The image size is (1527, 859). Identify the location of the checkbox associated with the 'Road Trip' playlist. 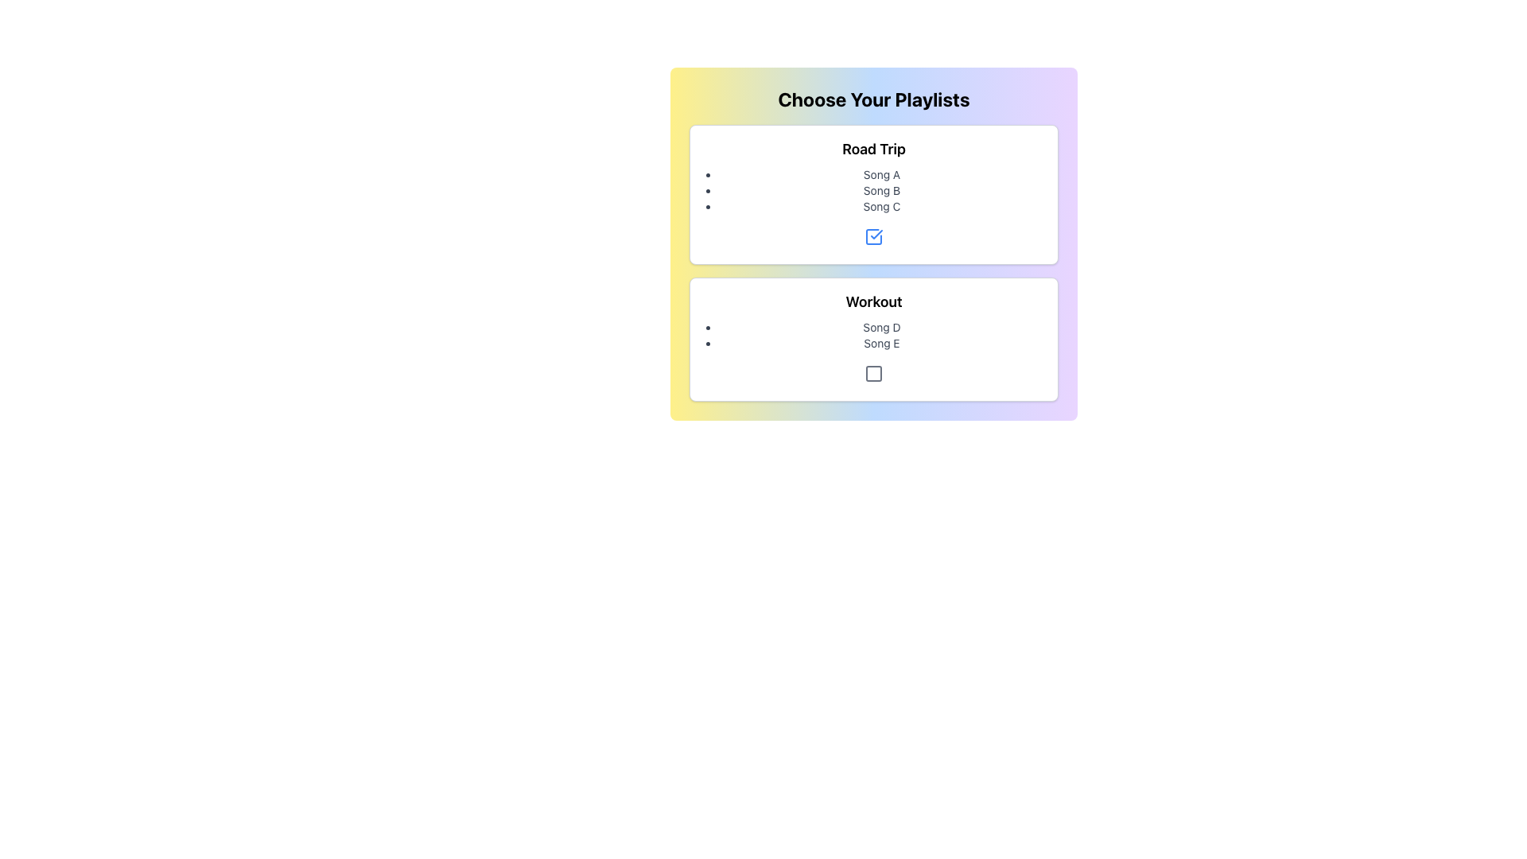
(873, 236).